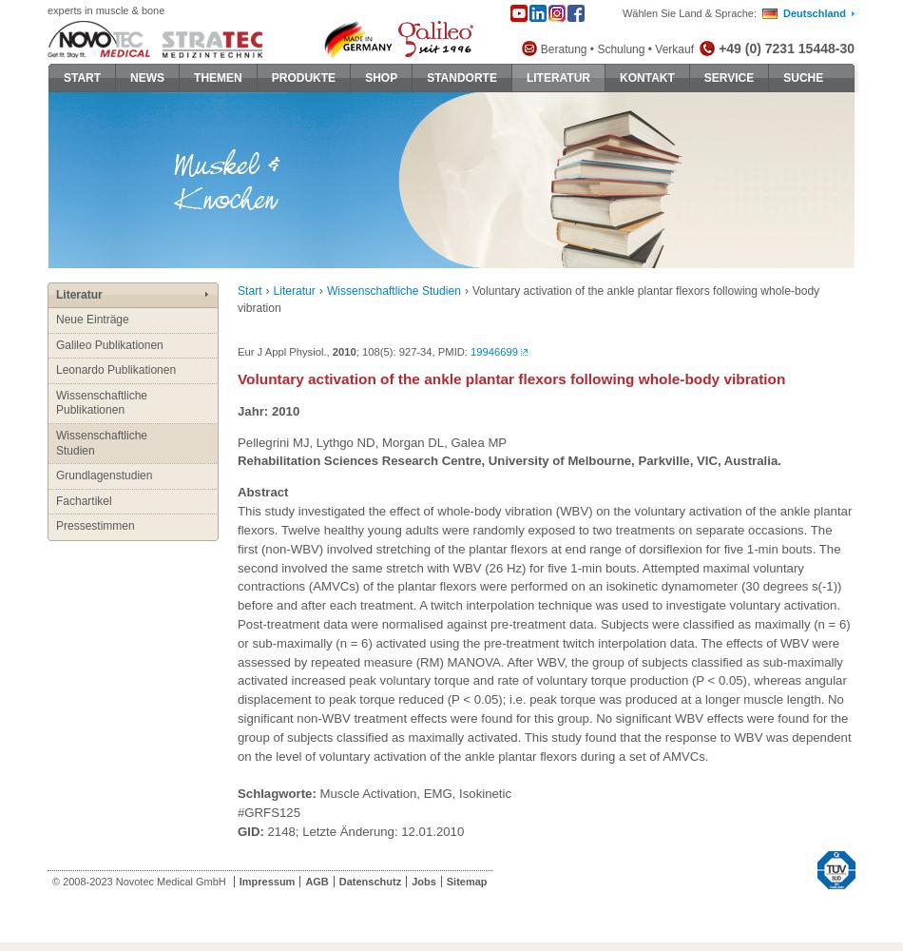  Describe the element at coordinates (237, 291) in the screenshot. I see `'Start'` at that location.